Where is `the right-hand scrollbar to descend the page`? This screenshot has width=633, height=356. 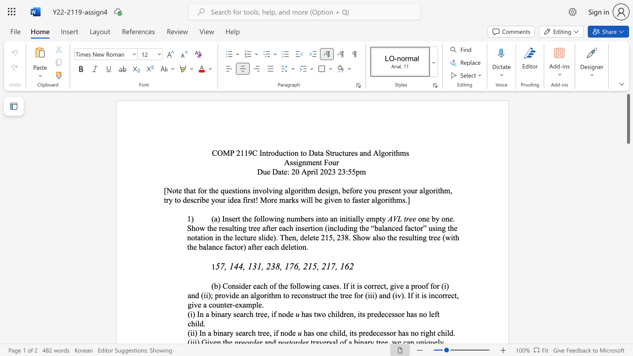 the right-hand scrollbar to descend the page is located at coordinates (628, 172).